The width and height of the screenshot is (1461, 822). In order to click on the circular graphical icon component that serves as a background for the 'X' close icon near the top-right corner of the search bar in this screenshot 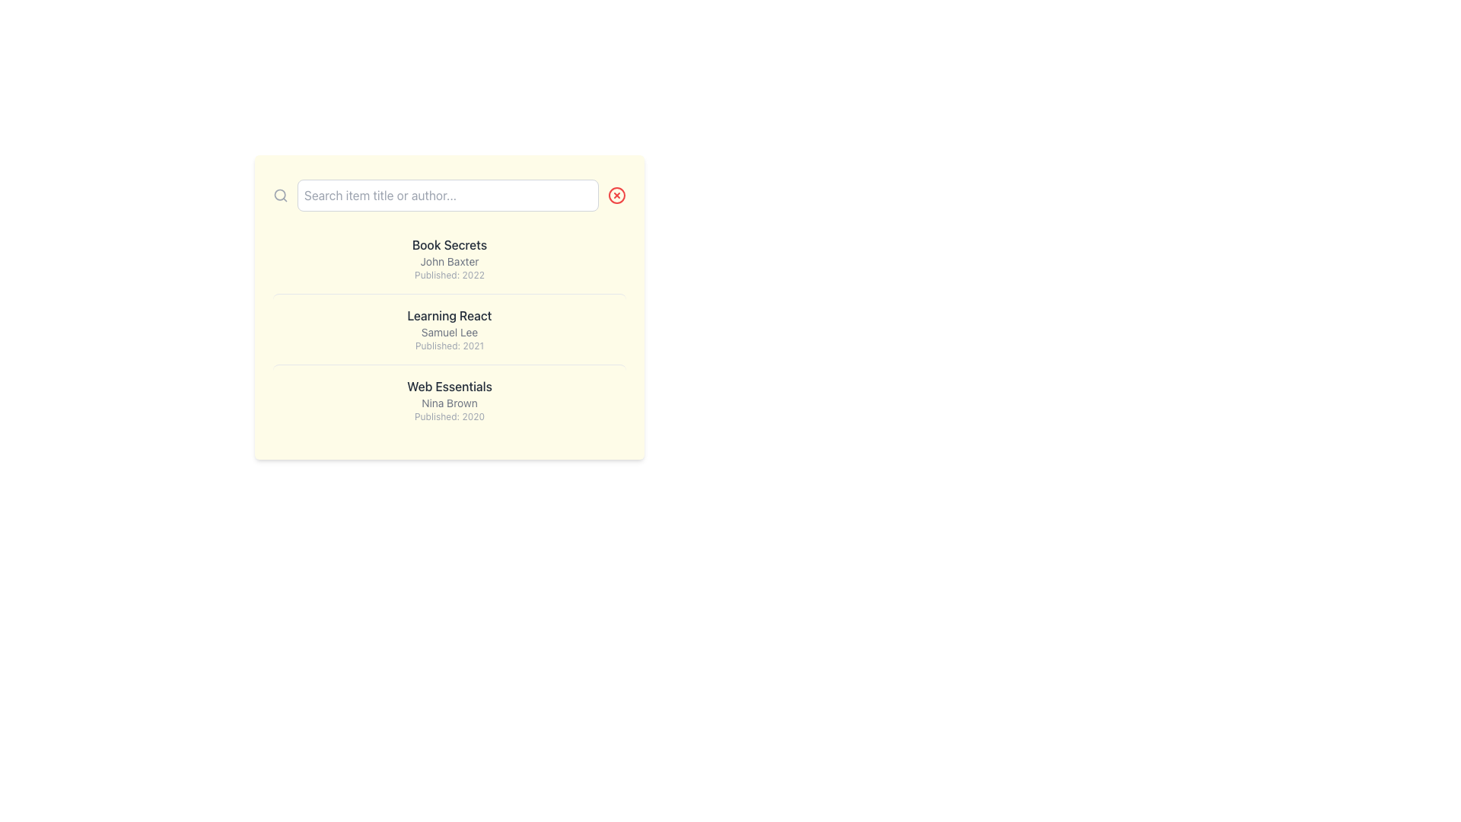, I will do `click(617, 195)`.